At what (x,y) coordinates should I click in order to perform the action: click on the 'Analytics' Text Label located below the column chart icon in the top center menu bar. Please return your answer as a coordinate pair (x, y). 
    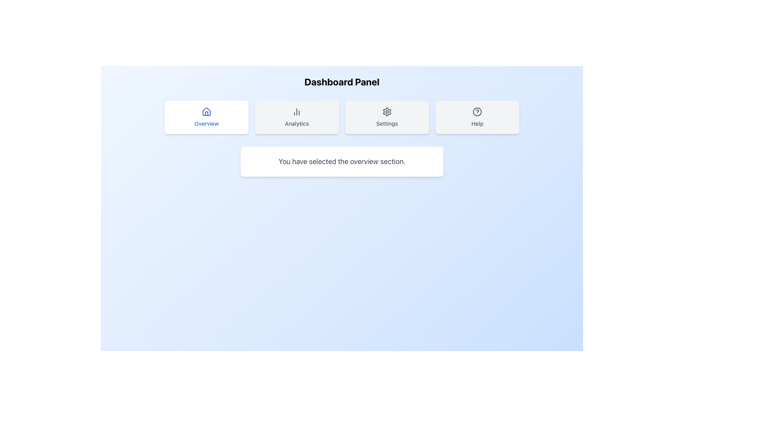
    Looking at the image, I should click on (296, 123).